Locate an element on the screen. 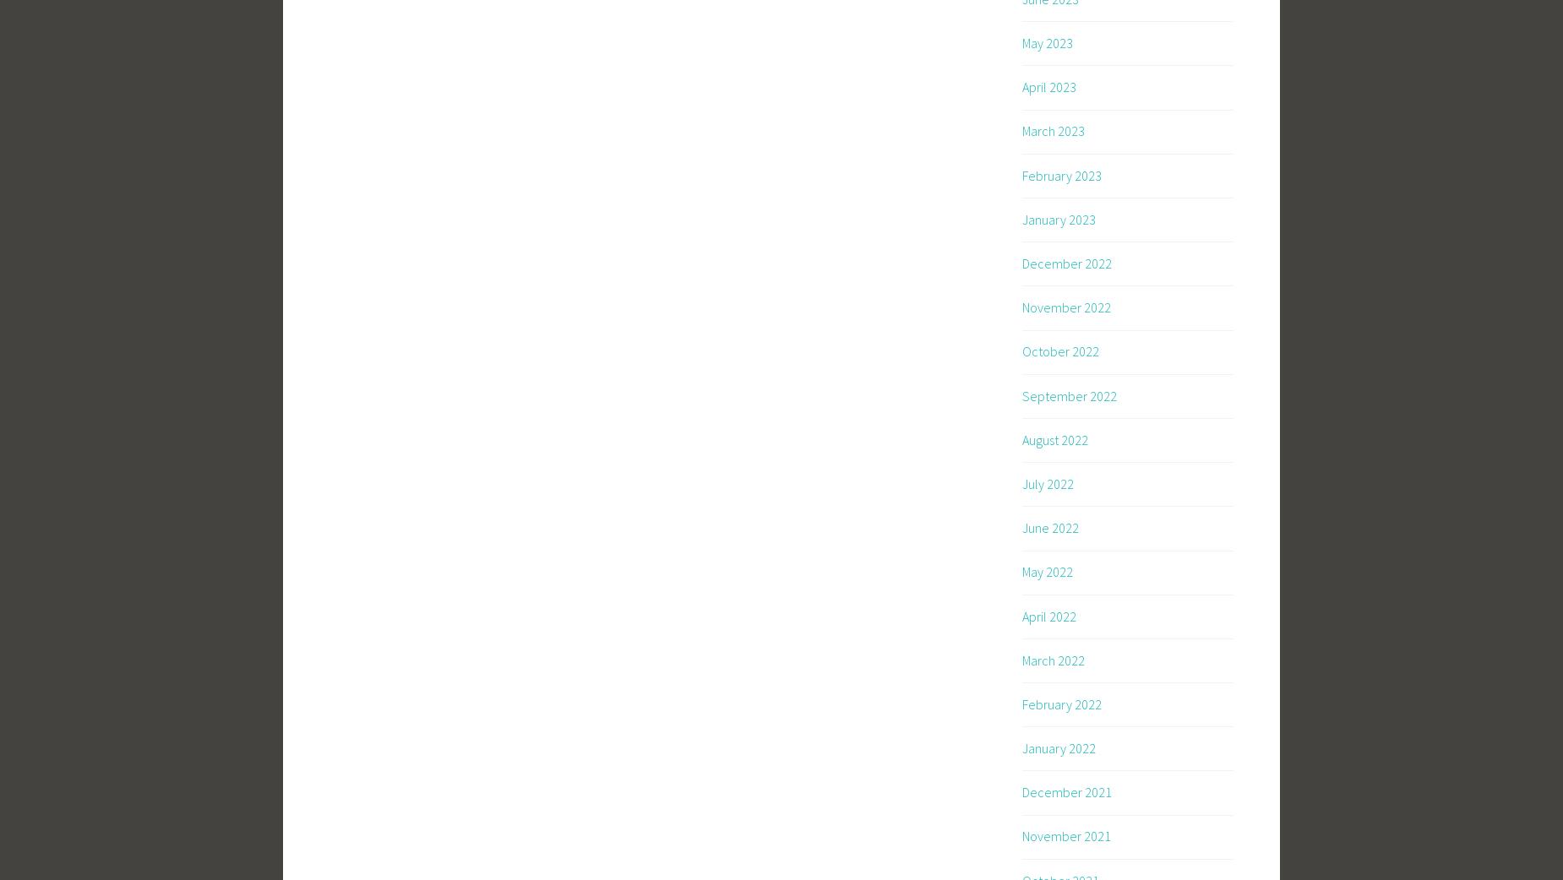 The height and width of the screenshot is (880, 1563). 'January 2022' is located at coordinates (1058, 747).